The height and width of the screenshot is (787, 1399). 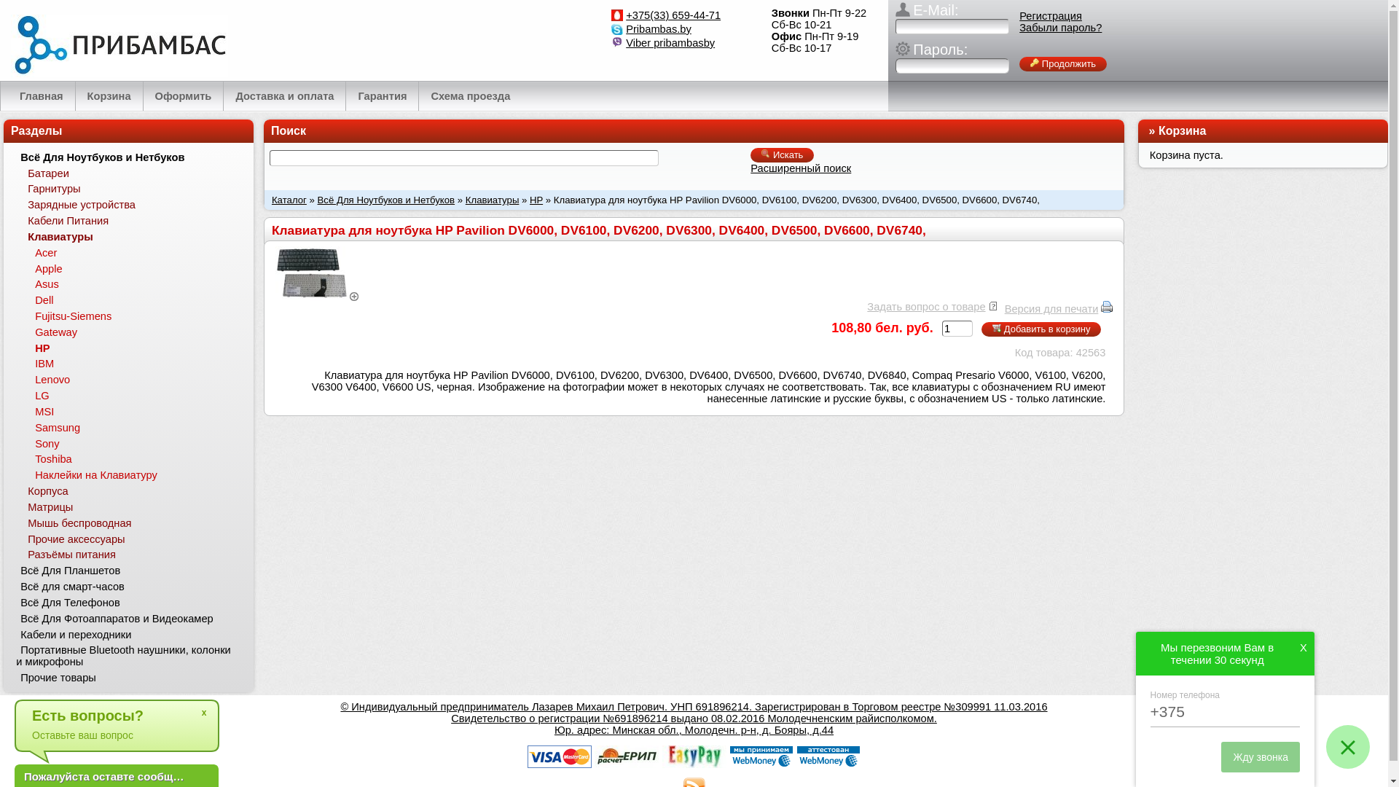 I want to click on 'Samsung', so click(x=31, y=426).